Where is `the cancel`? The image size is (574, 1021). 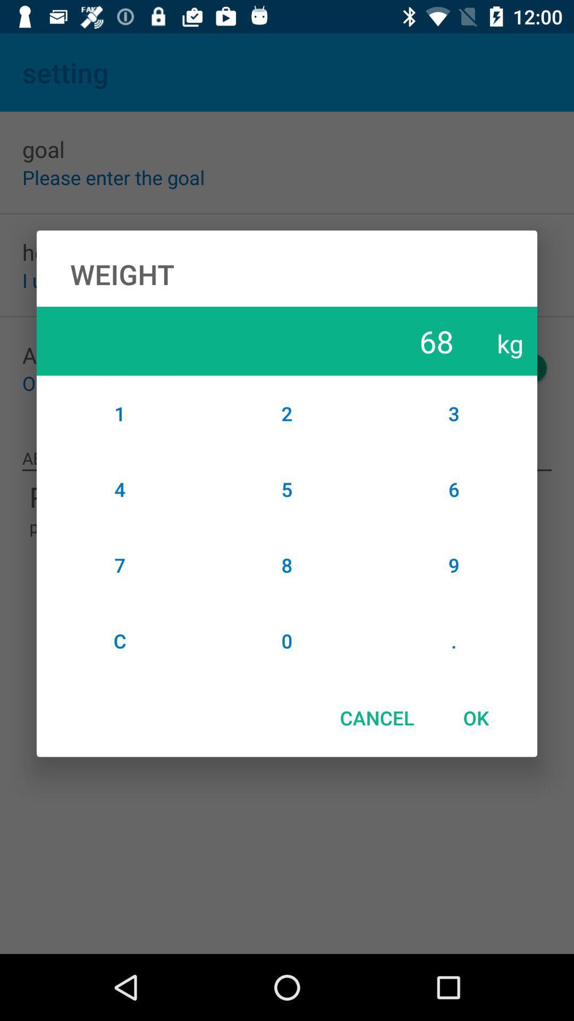 the cancel is located at coordinates (376, 717).